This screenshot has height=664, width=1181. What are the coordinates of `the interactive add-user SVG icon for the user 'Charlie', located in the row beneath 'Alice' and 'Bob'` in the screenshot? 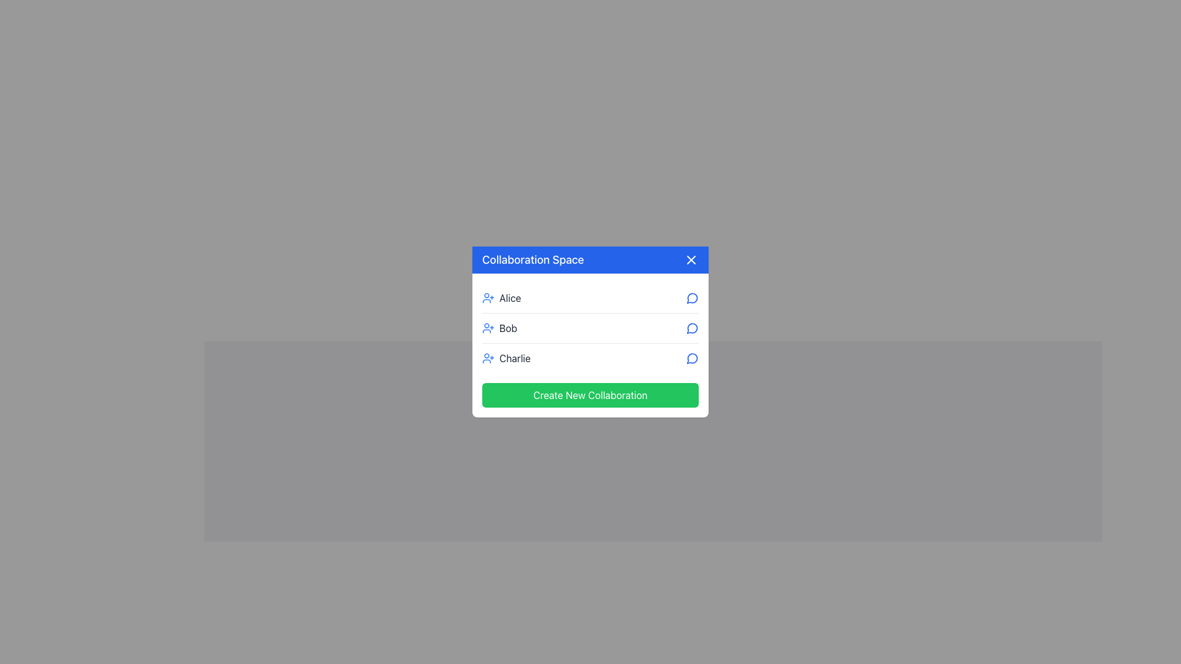 It's located at (487, 358).